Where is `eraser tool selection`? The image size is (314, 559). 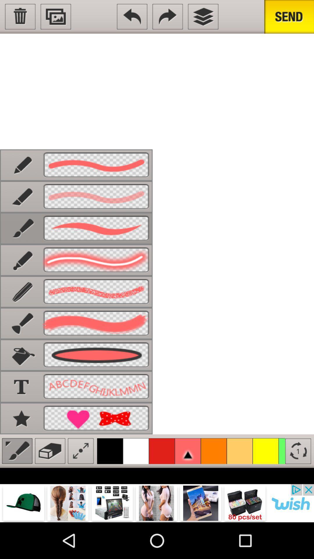 eraser tool selection is located at coordinates (50, 451).